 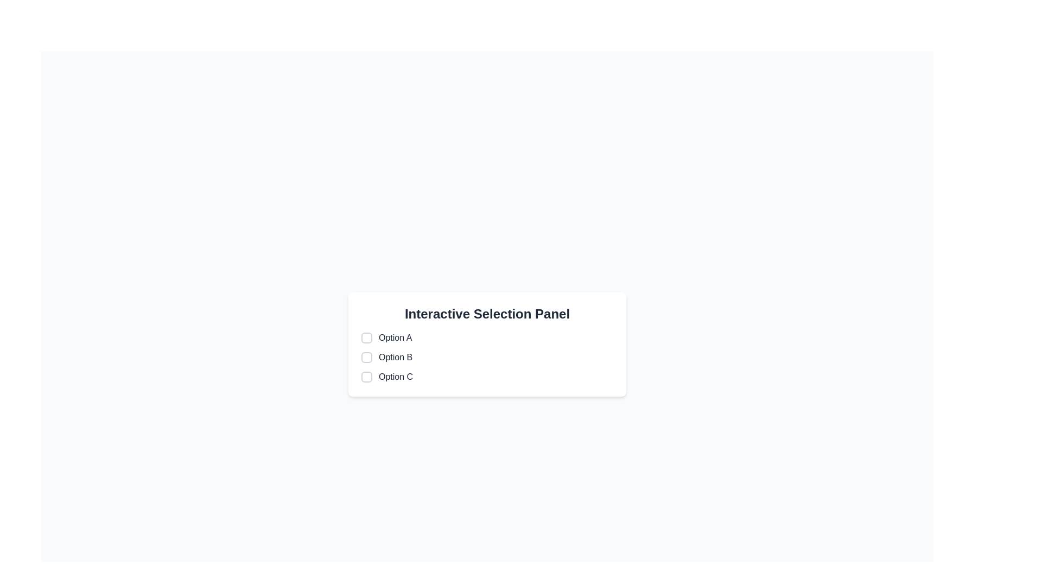 What do you see at coordinates (395, 358) in the screenshot?
I see `text of the label displaying 'Option B', which is styled in a medium gray color and positioned to the right of an unchecked checkbox in the second row of the Interactive Selection Panel` at bounding box center [395, 358].